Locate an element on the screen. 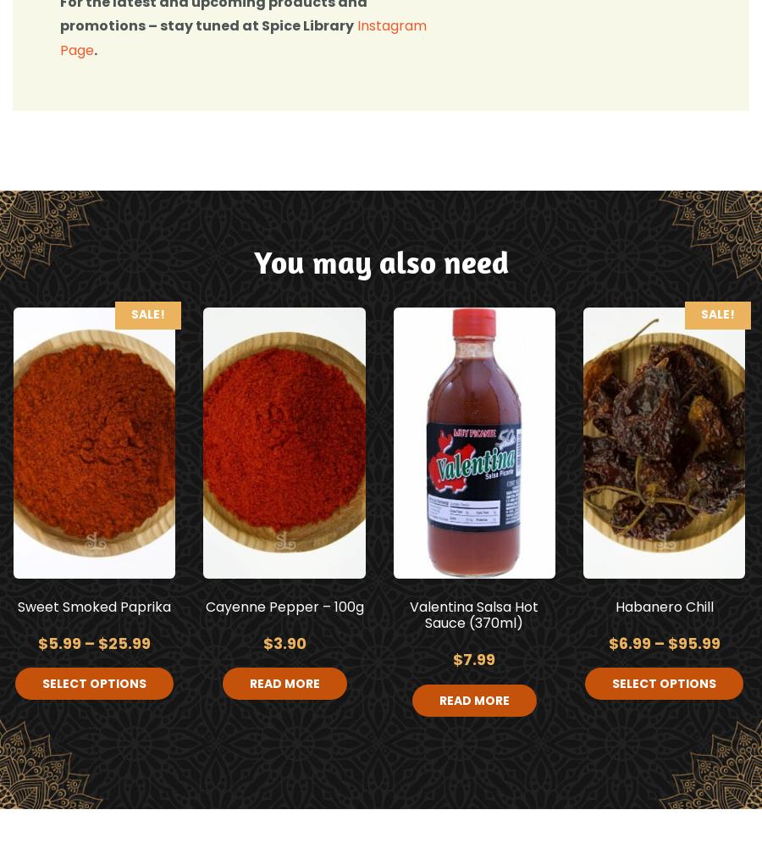  '7.99' is located at coordinates (479, 658).